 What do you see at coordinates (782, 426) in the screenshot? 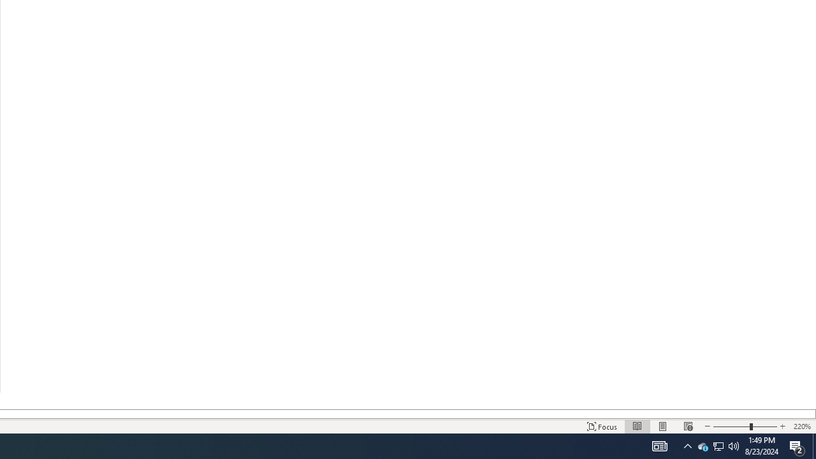
I see `'Increase Text Size'` at bounding box center [782, 426].